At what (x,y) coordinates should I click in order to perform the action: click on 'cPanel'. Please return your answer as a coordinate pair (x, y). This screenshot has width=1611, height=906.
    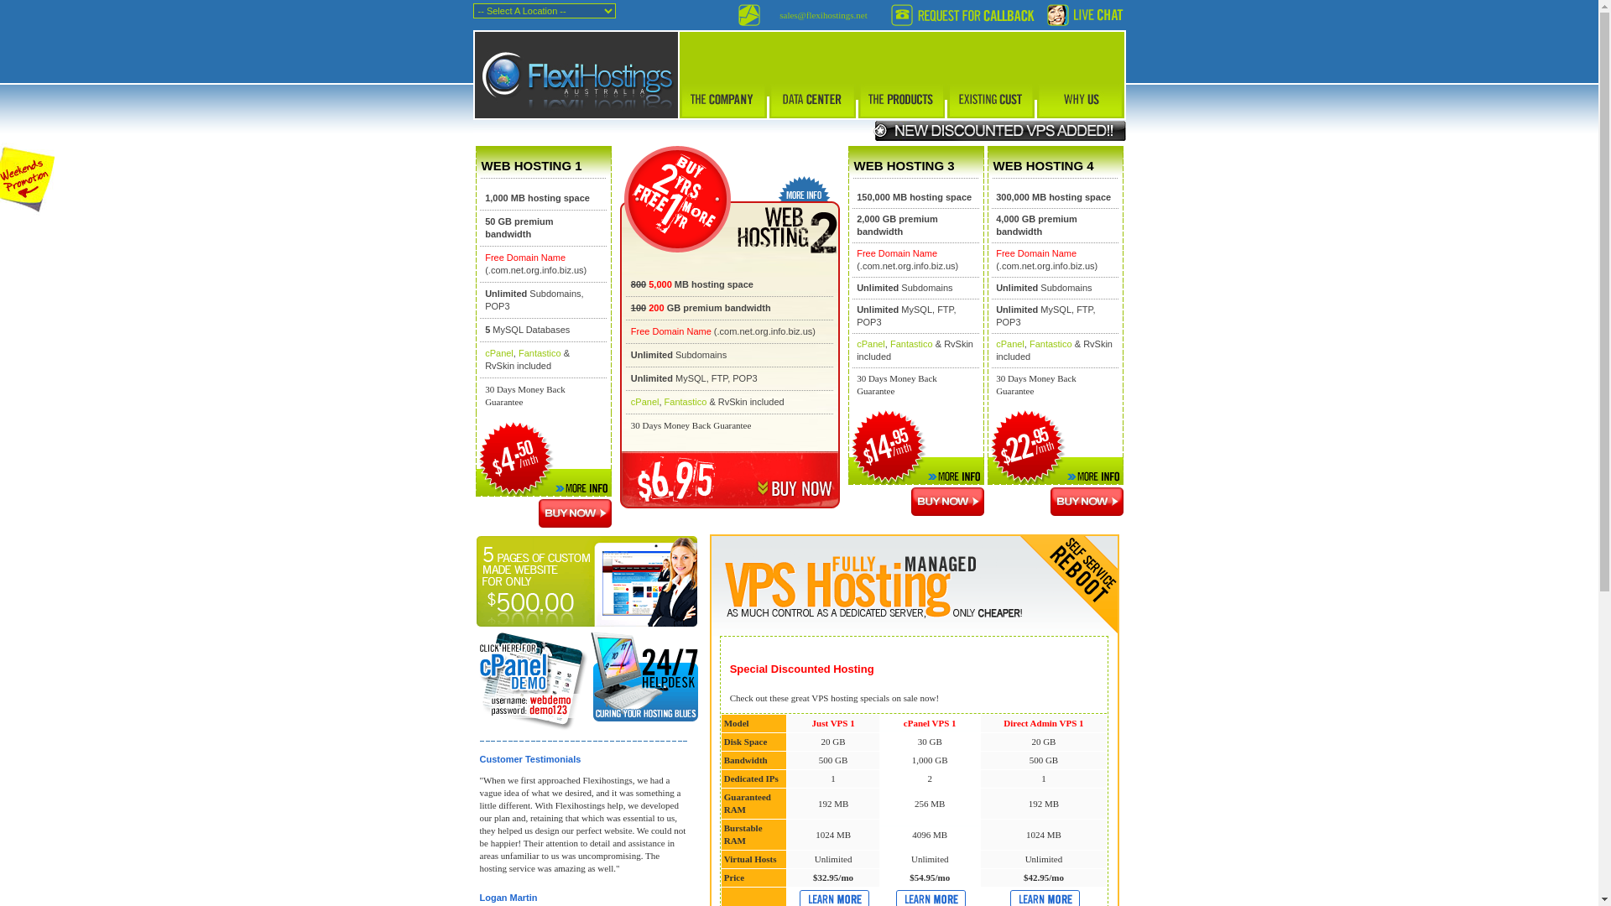
    Looking at the image, I should click on (644, 401).